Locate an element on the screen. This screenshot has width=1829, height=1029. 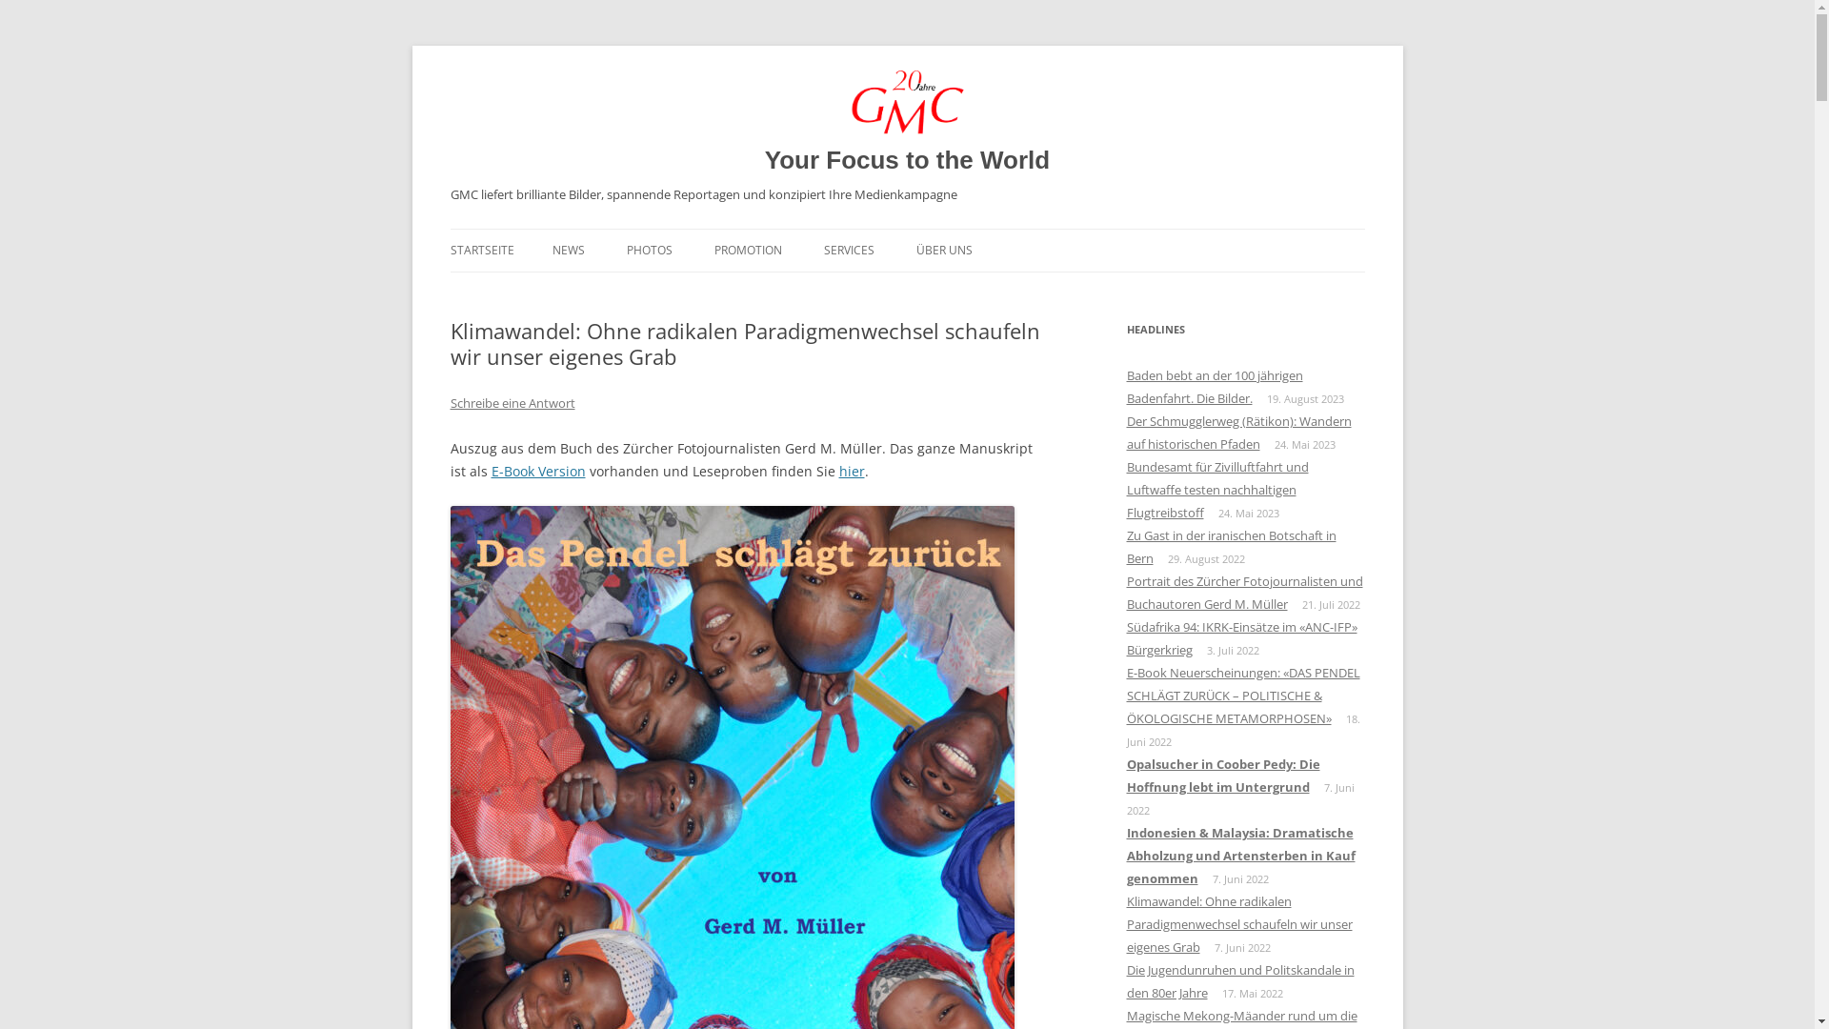
'PROMOTION' is located at coordinates (747, 249).